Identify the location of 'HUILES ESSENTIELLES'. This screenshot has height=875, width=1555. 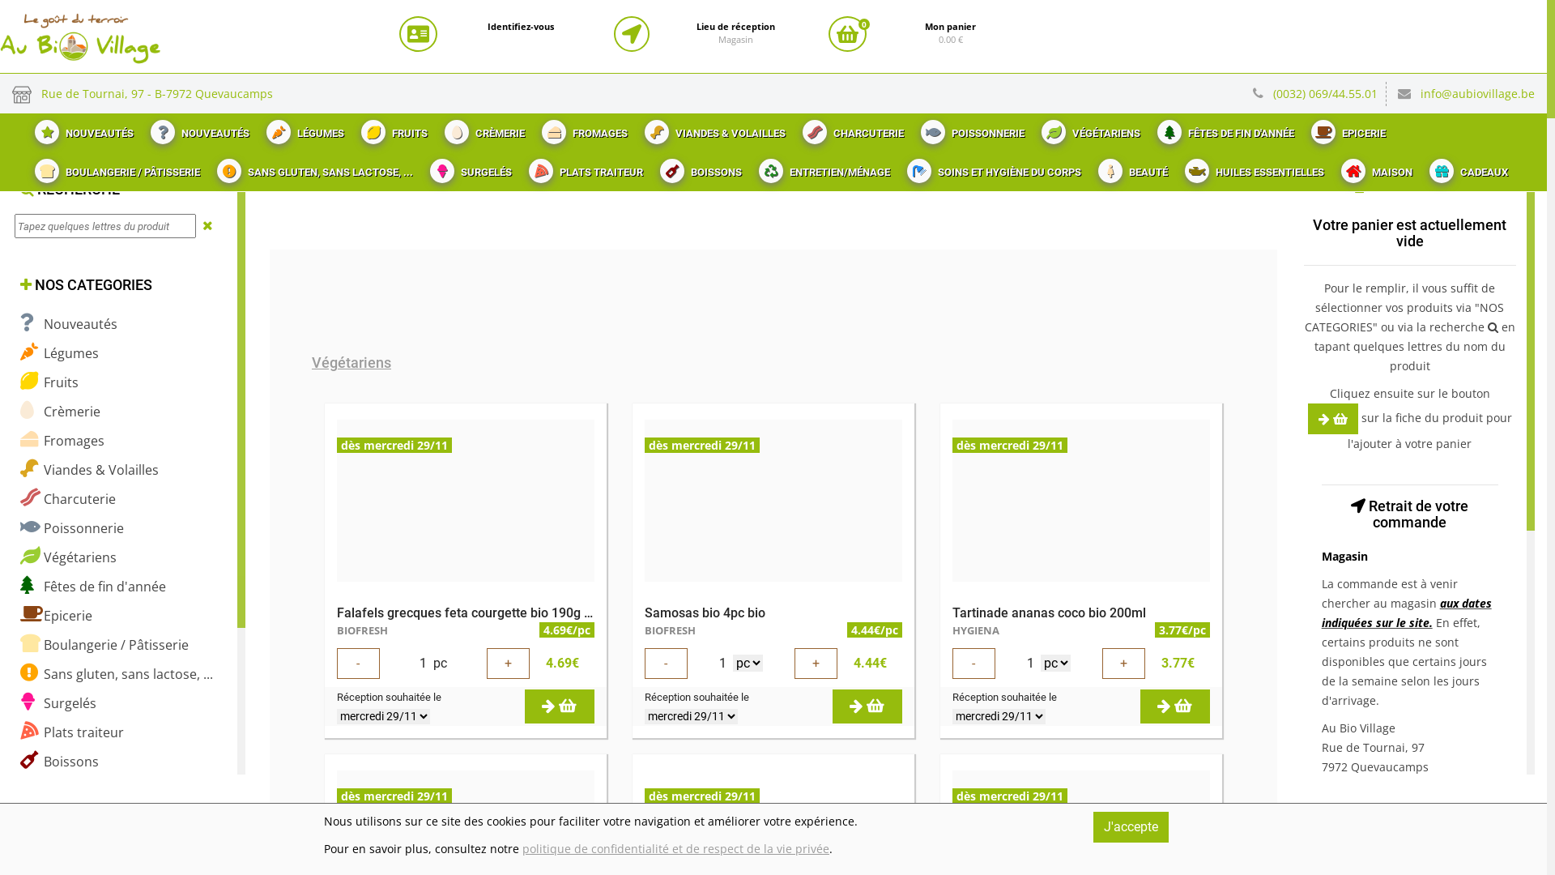
(1251, 168).